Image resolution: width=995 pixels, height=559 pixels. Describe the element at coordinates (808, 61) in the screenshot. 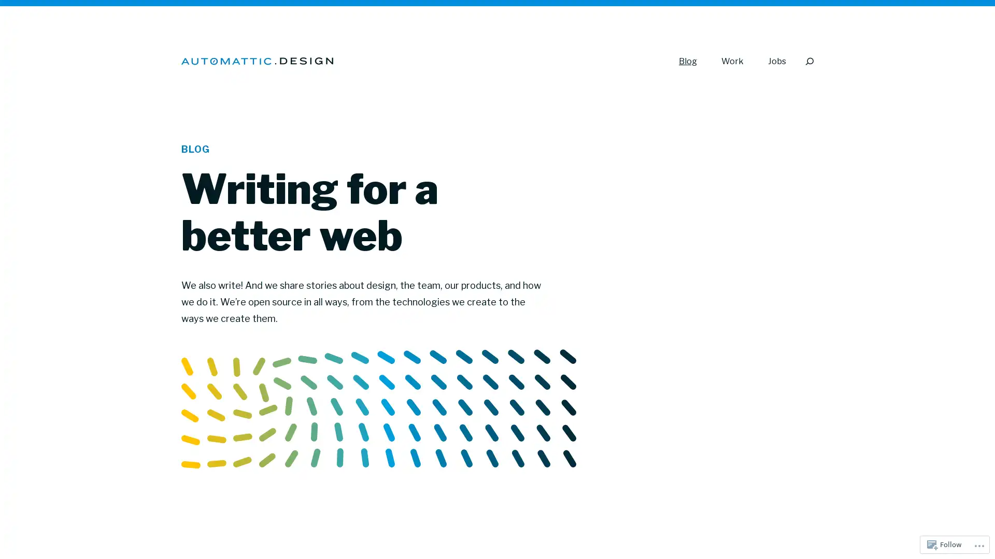

I see `Search` at that location.